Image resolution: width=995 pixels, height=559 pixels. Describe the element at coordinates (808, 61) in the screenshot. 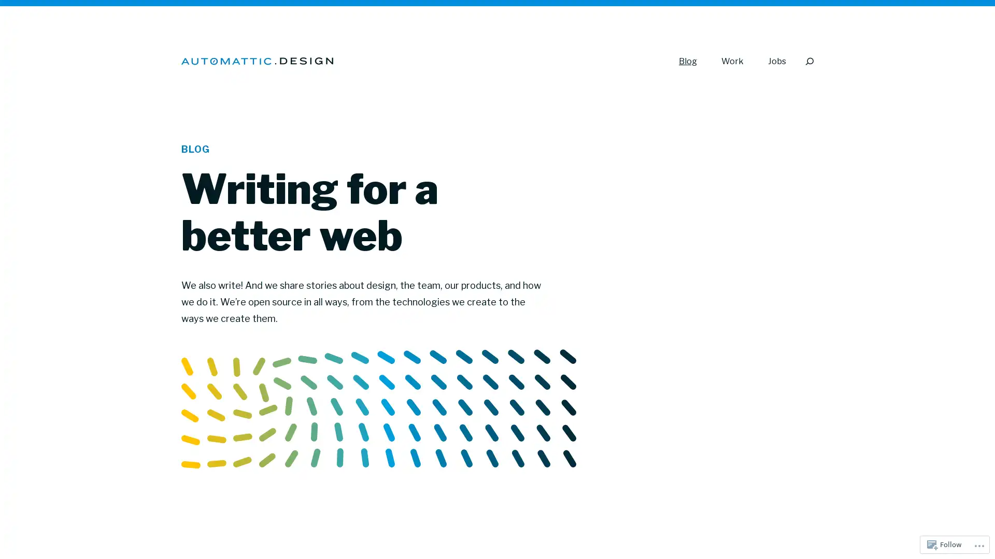

I see `Search` at that location.